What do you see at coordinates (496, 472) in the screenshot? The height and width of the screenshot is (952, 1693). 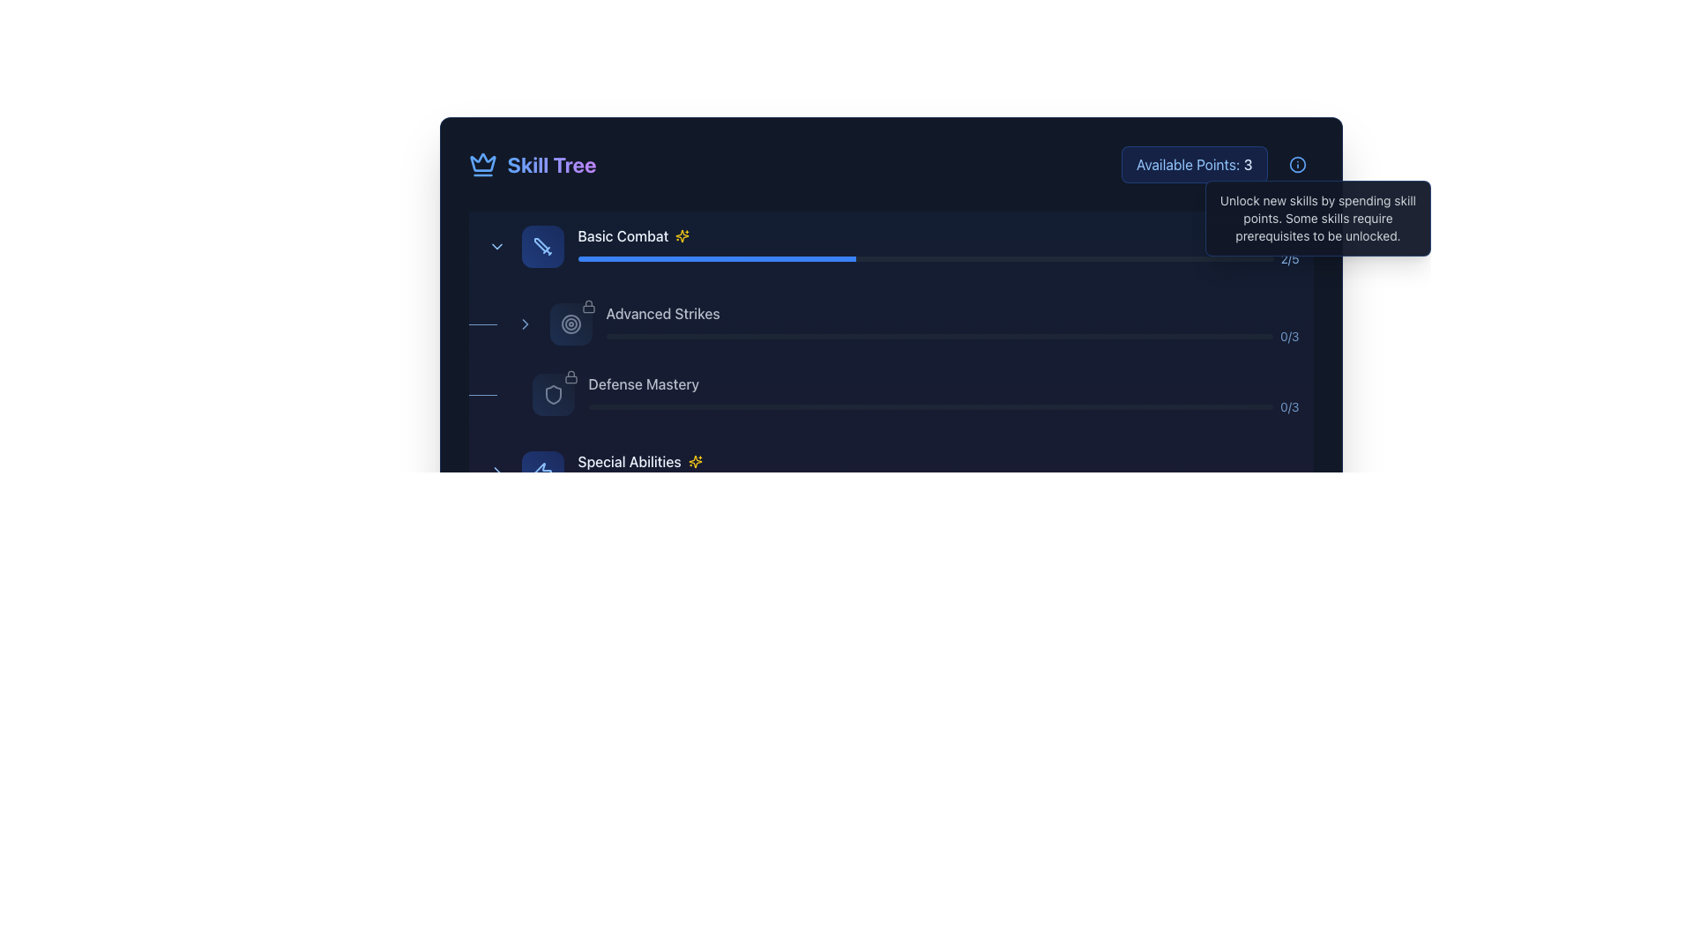 I see `the light blue chevron icon button within the 'Special Abilities' section` at bounding box center [496, 472].